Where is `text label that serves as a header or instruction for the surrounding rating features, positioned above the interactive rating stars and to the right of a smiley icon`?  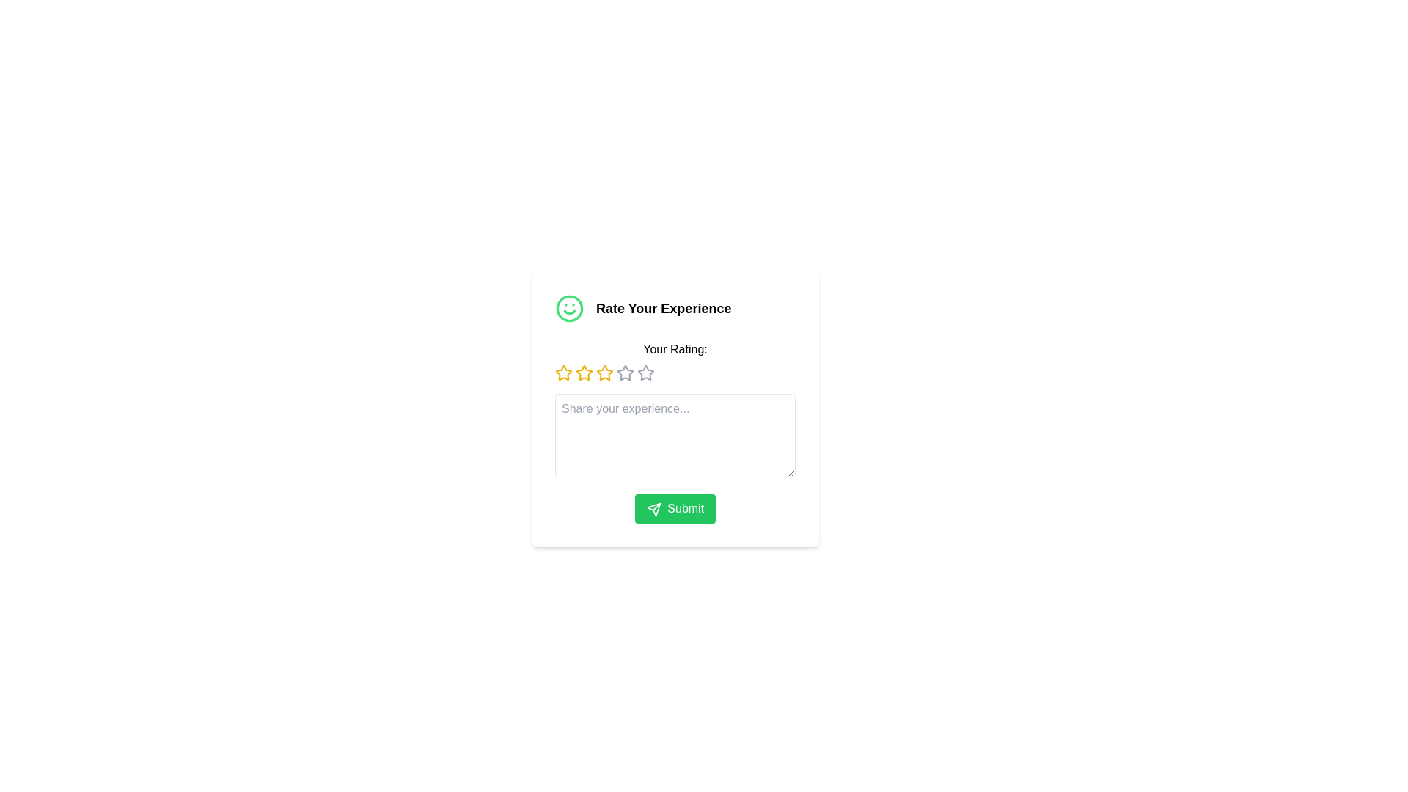
text label that serves as a header or instruction for the surrounding rating features, positioned above the interactive rating stars and to the right of a smiley icon is located at coordinates (663, 307).